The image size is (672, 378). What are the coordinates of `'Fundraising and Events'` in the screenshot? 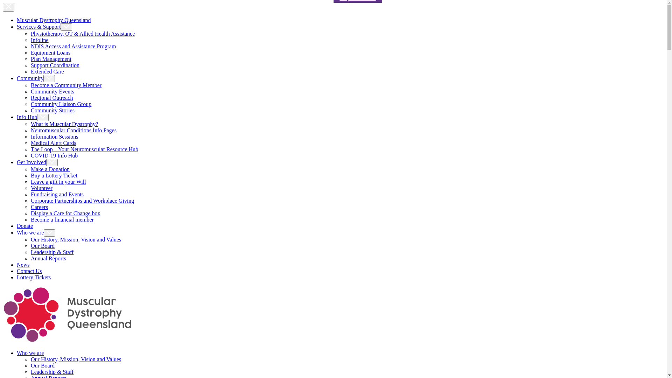 It's located at (57, 194).